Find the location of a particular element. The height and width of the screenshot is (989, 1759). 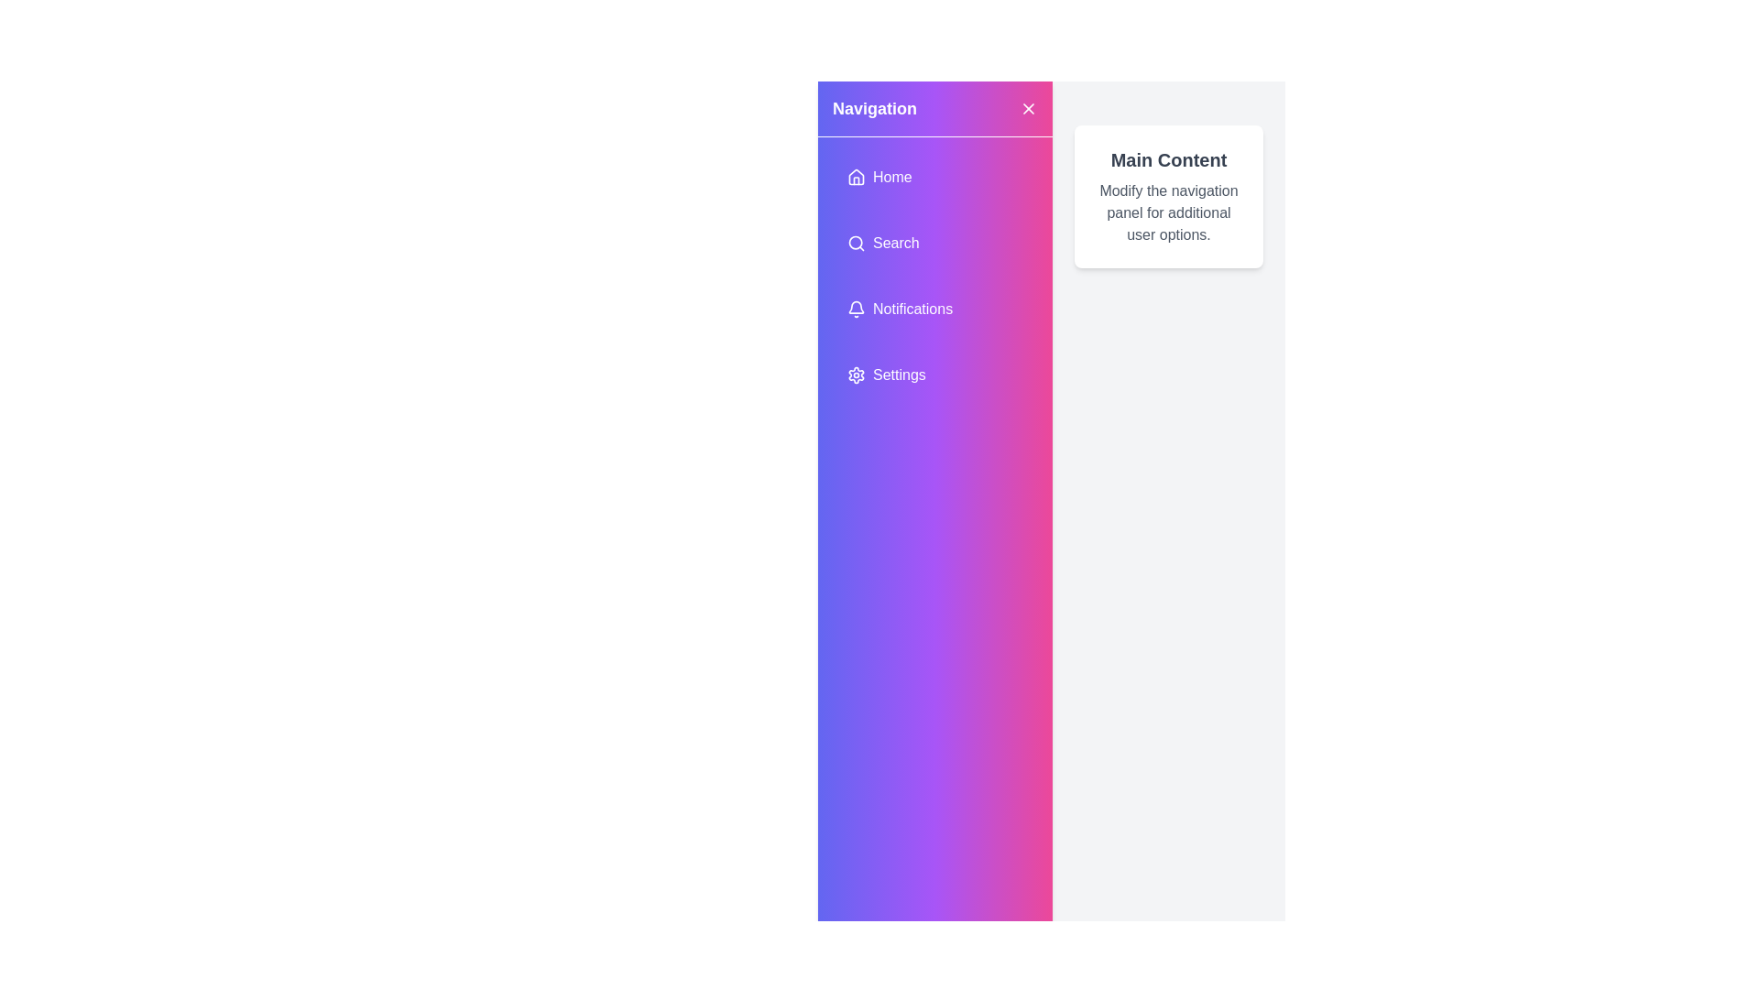

the bell-shaped notification icon located to the left of the 'Notifications' text label in the navigation menu is located at coordinates (856, 309).